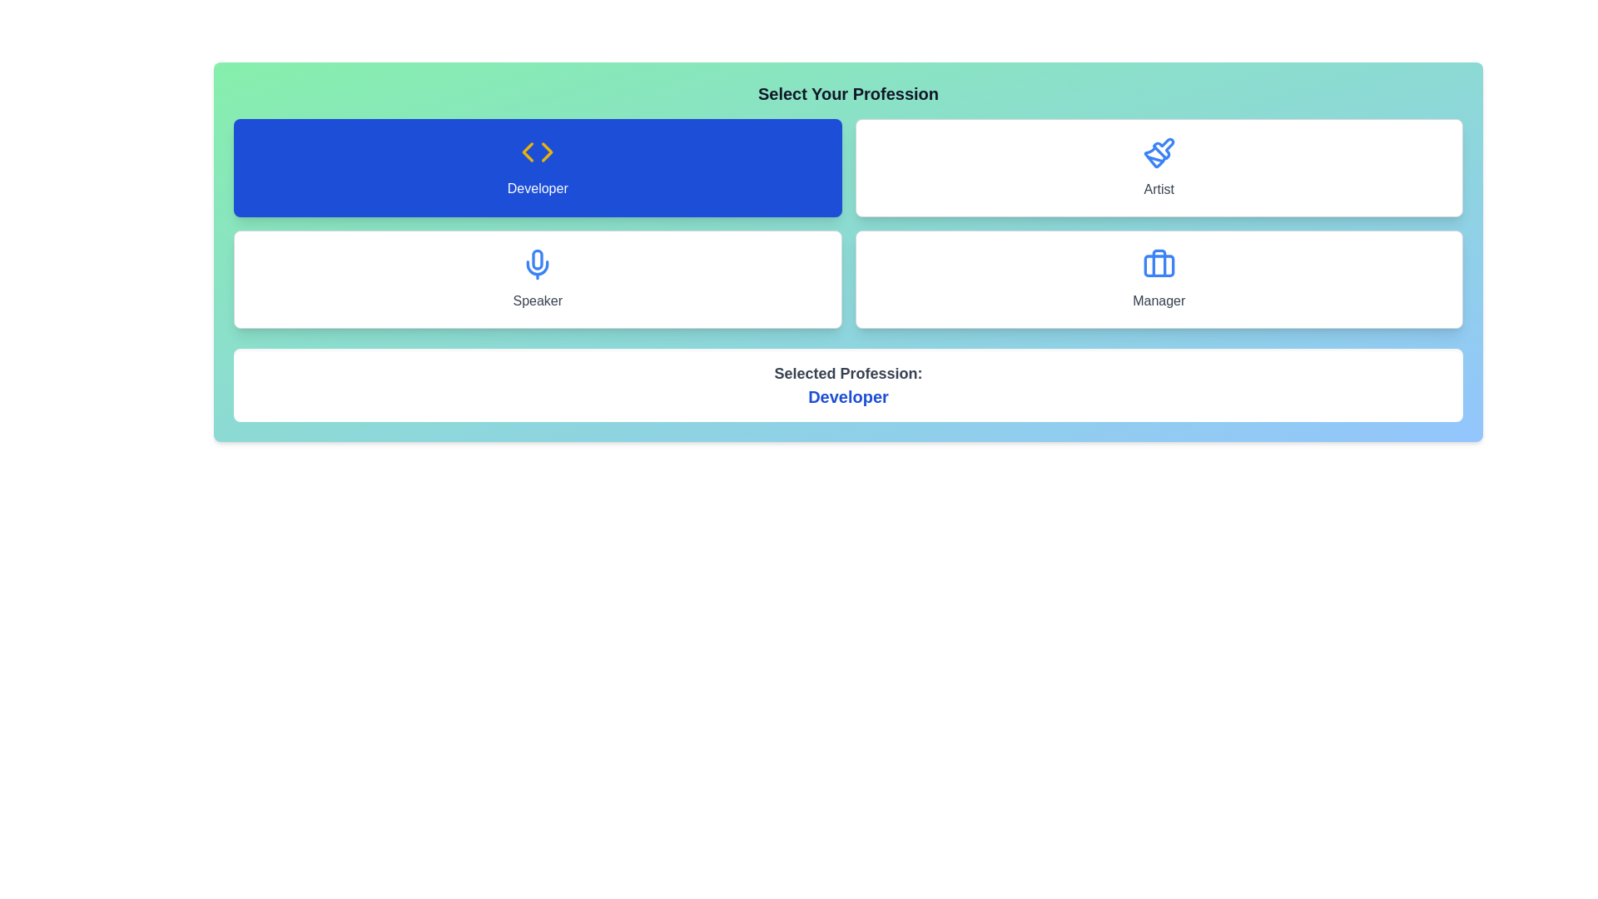 The height and width of the screenshot is (899, 1598). Describe the element at coordinates (1158, 167) in the screenshot. I see `the button labeled Artist to view its hover effect` at that location.